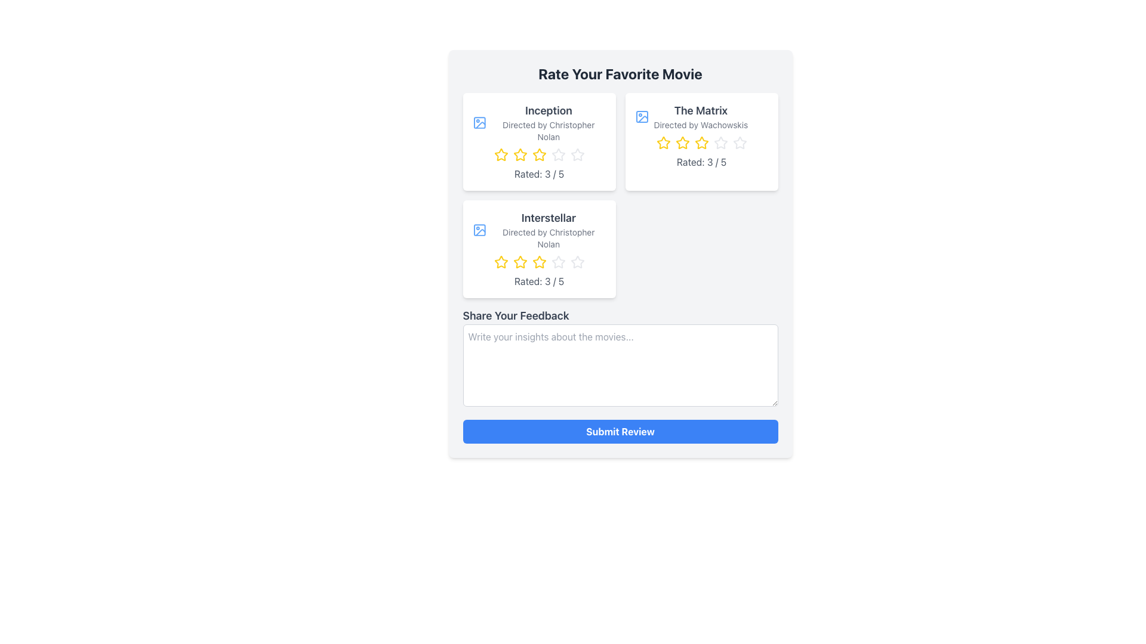  I want to click on any of the star icons in the card component titled 'Inception' to adjust the rating, so click(538, 141).